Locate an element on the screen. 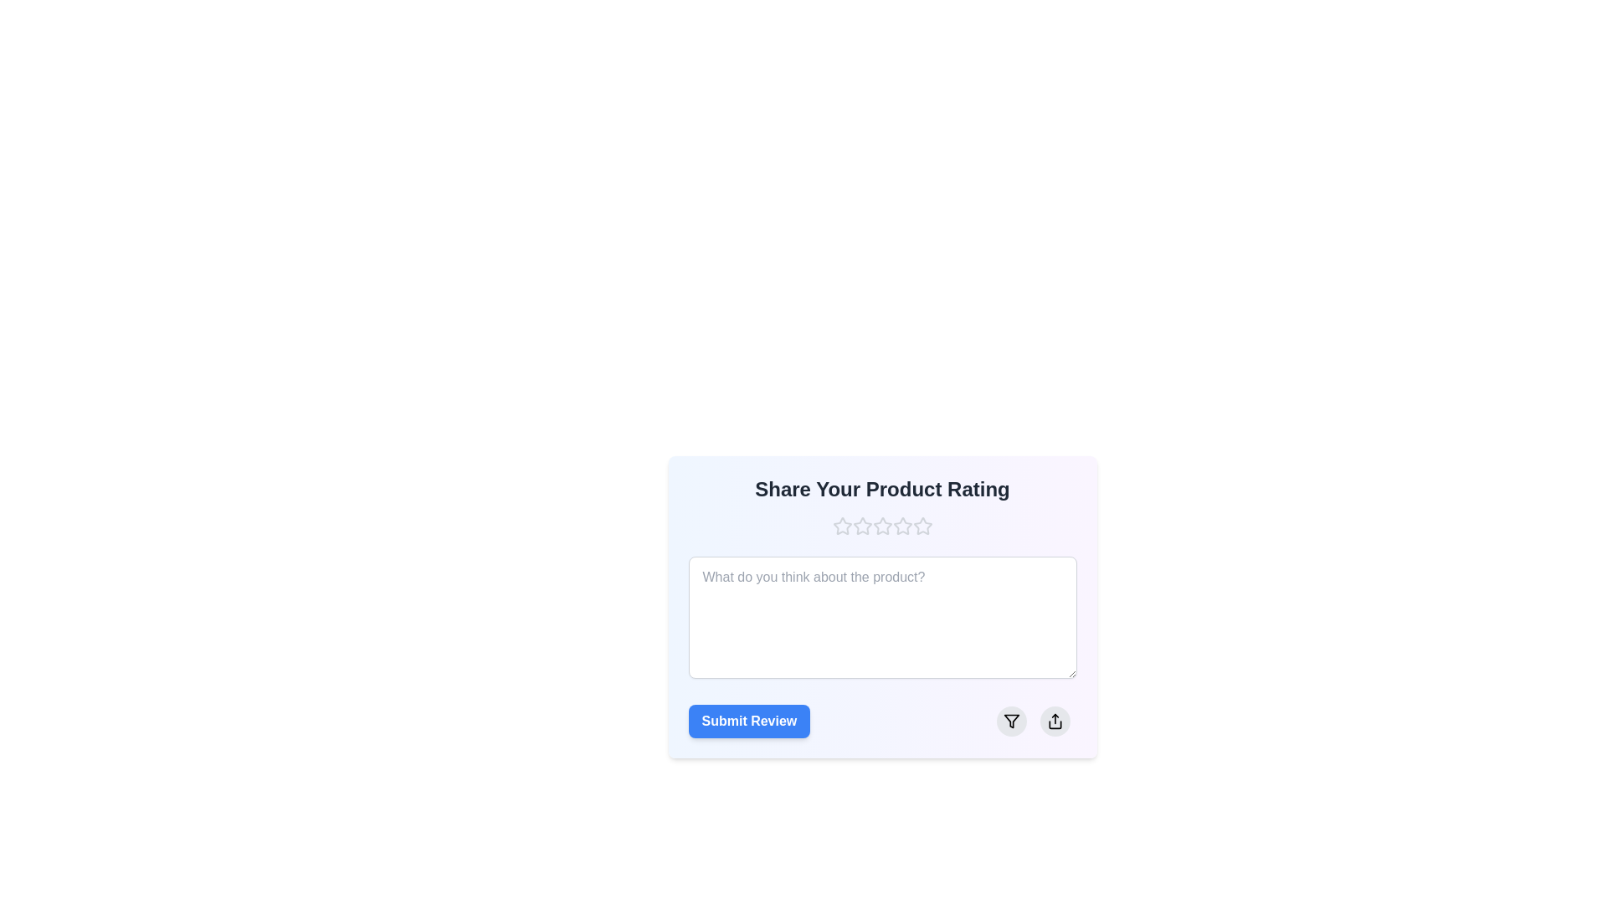 The width and height of the screenshot is (1607, 904). the first circular button located at the bottom-right corner of the interface is located at coordinates (1010, 720).